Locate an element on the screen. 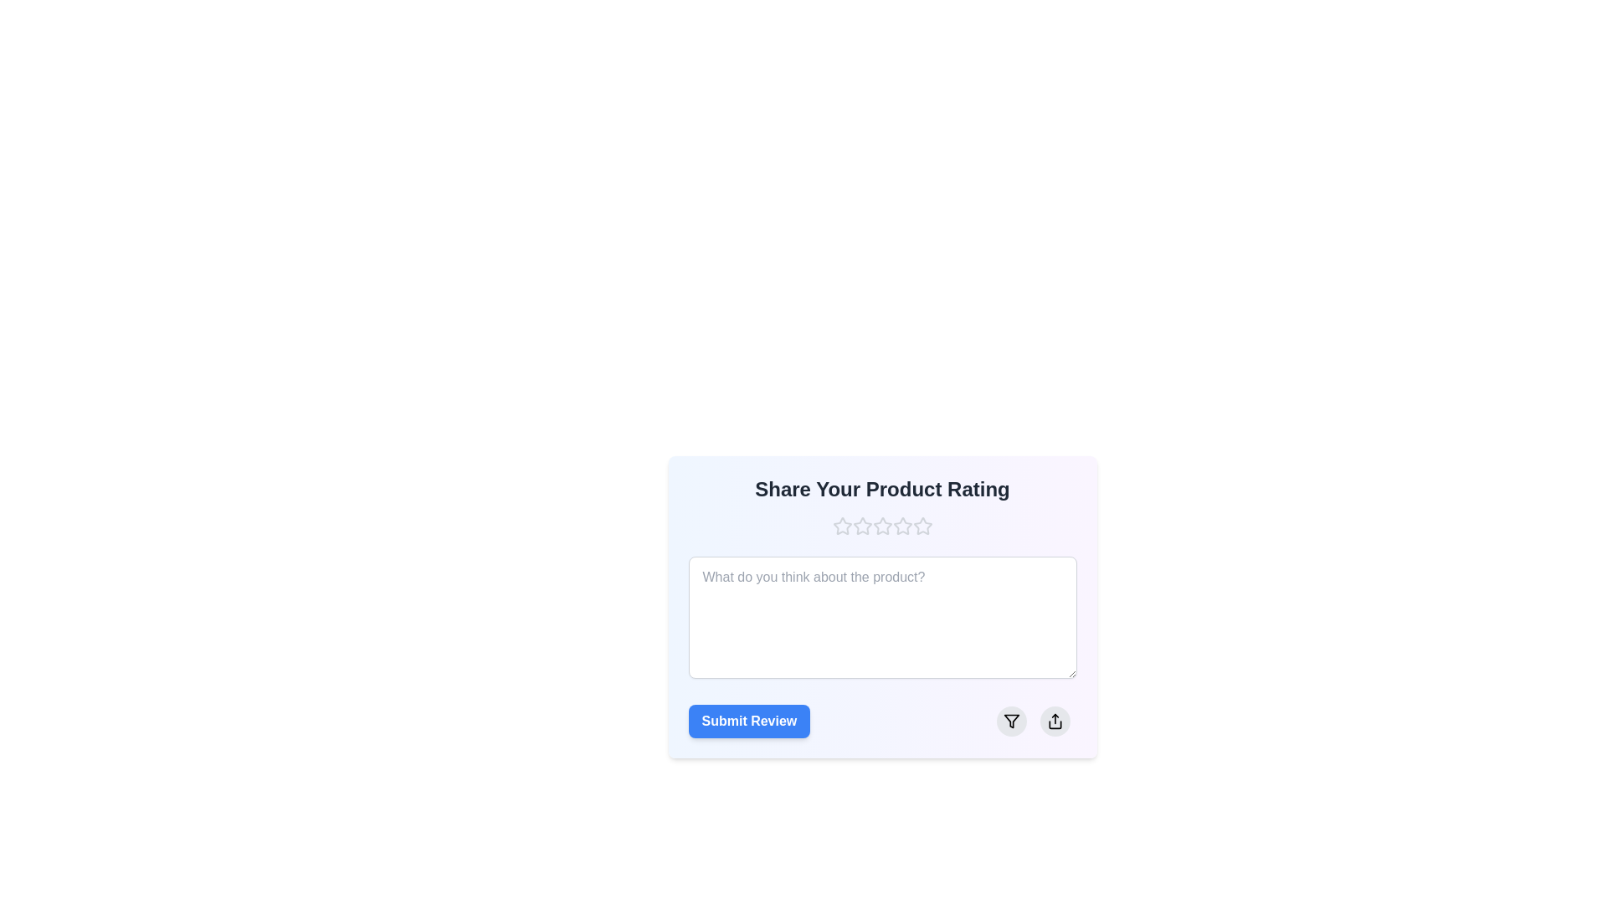 The width and height of the screenshot is (1607, 904). the first circular button located at the bottom-right corner of the interface is located at coordinates (1010, 720).